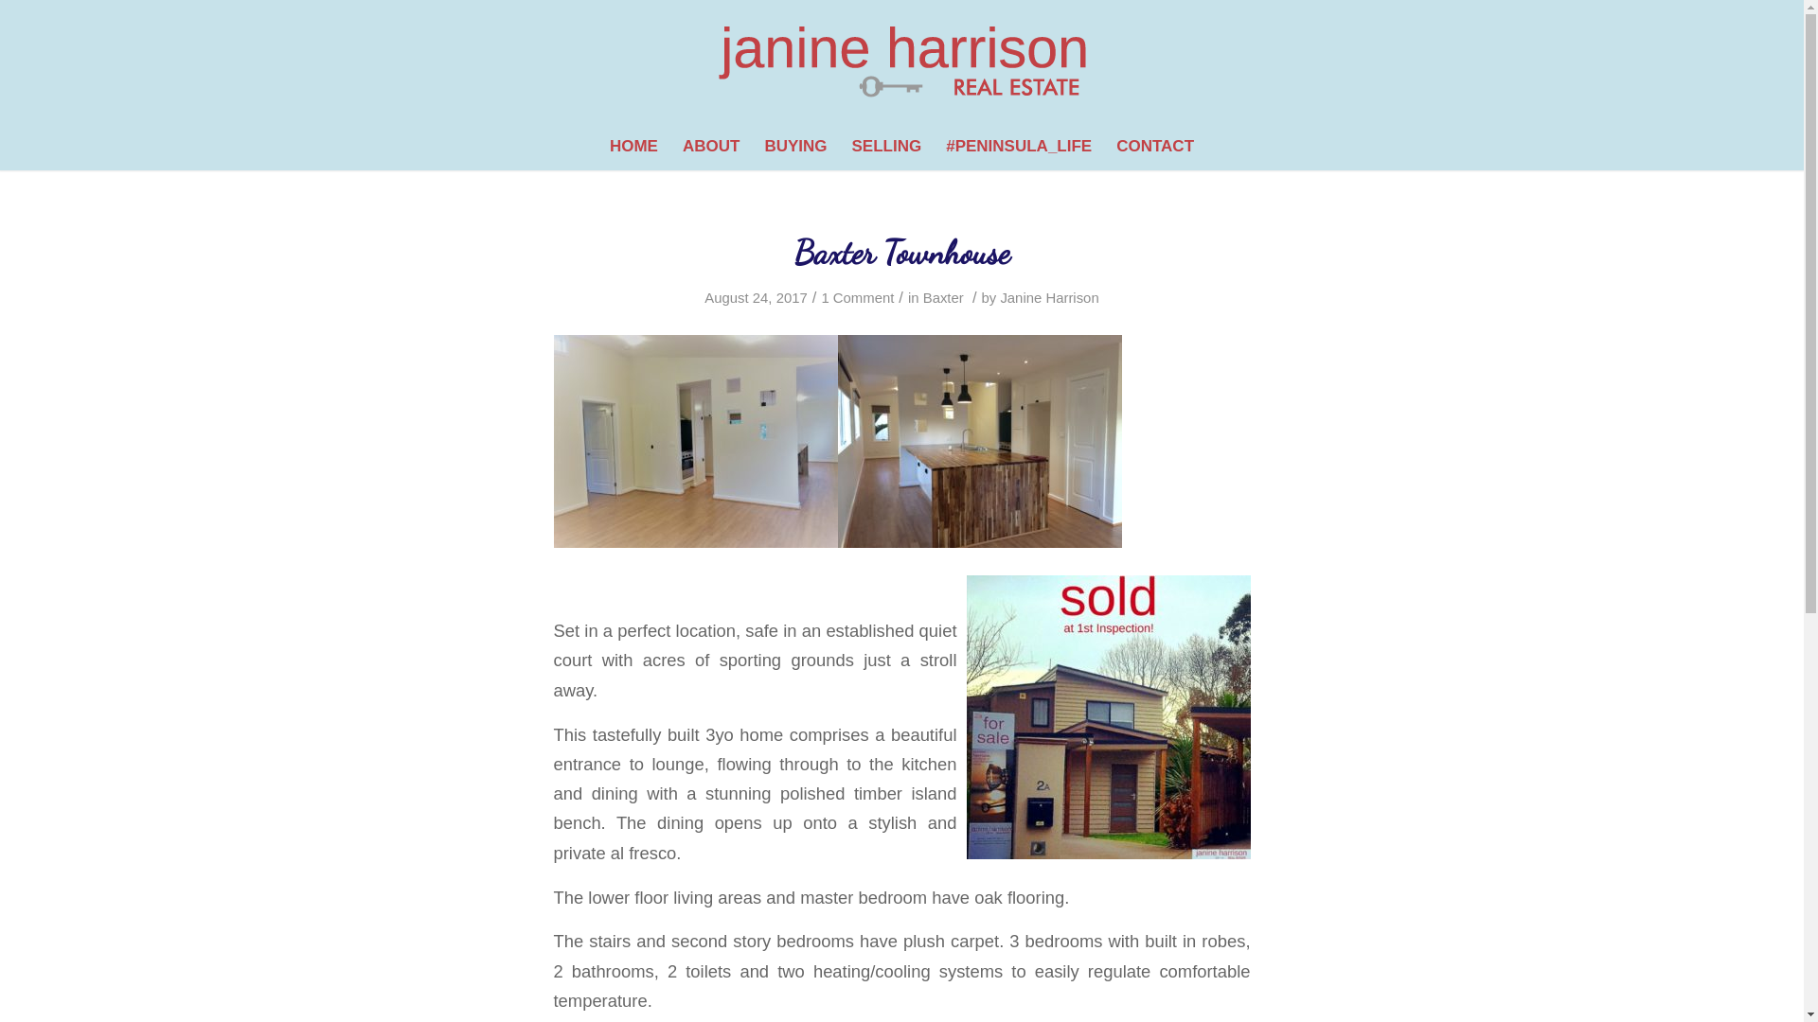  Describe the element at coordinates (821, 296) in the screenshot. I see `'1 Comment'` at that location.